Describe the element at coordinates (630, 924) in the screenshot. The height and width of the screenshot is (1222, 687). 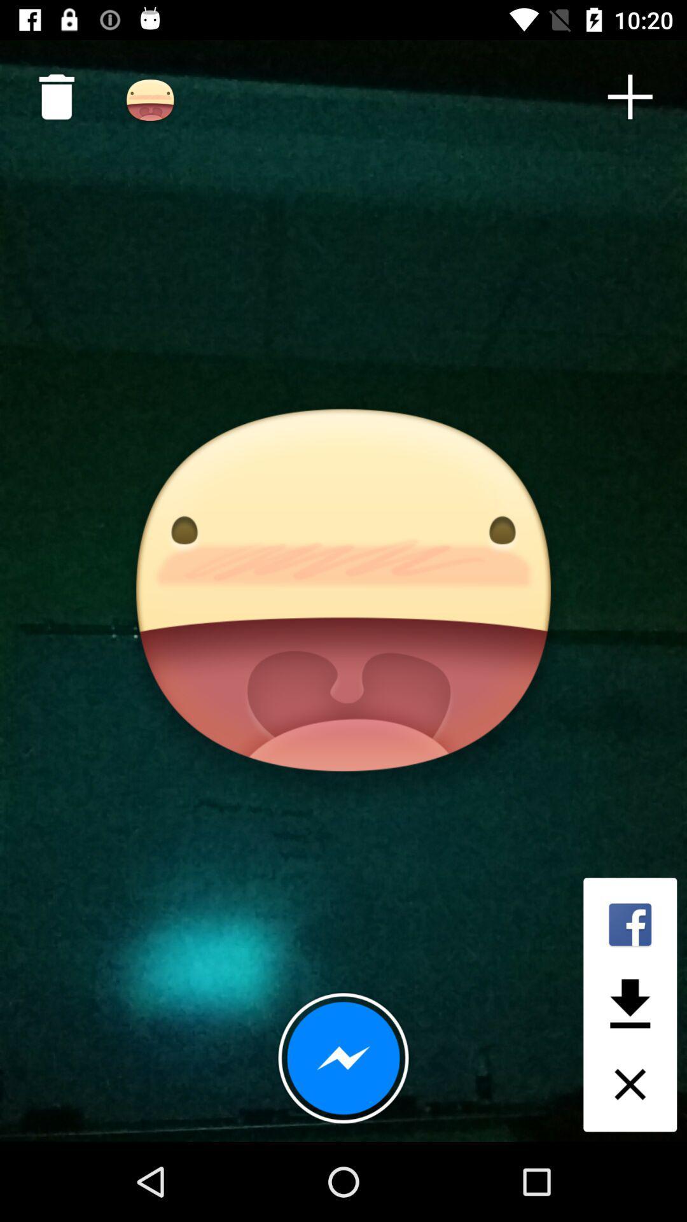
I see `the facebook icon` at that location.